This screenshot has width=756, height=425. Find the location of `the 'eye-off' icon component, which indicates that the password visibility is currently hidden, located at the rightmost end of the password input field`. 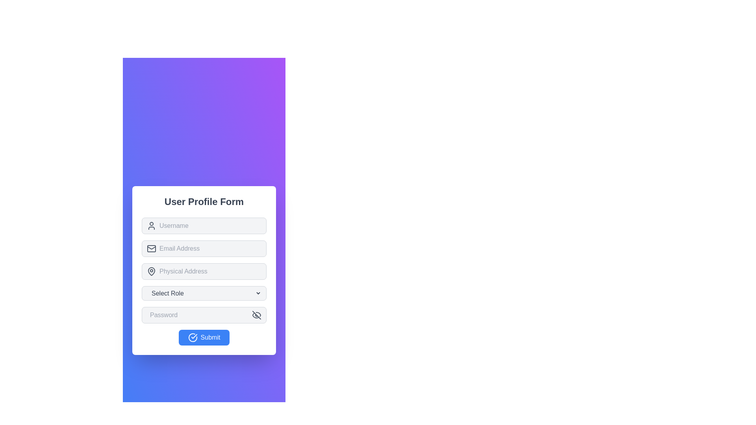

the 'eye-off' icon component, which indicates that the password visibility is currently hidden, located at the rightmost end of the password input field is located at coordinates (256, 315).